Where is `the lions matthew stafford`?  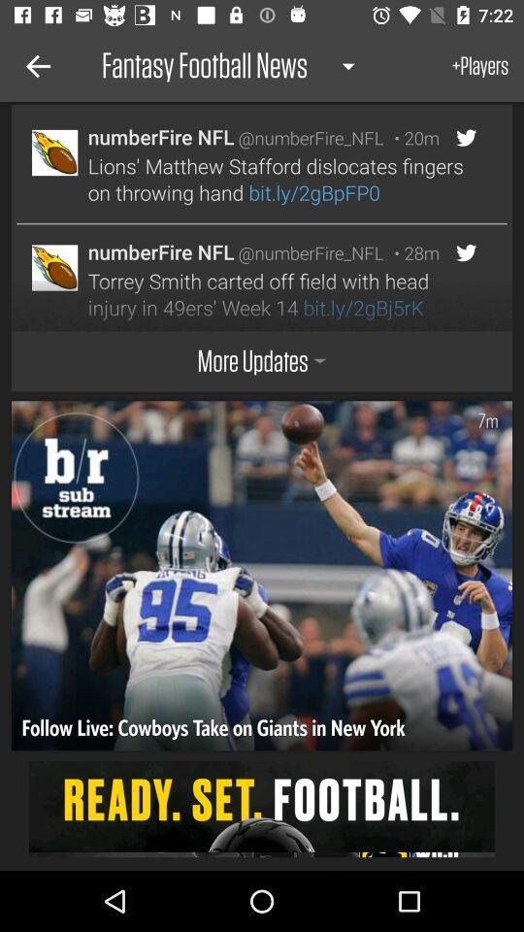 the lions matthew stafford is located at coordinates (278, 179).